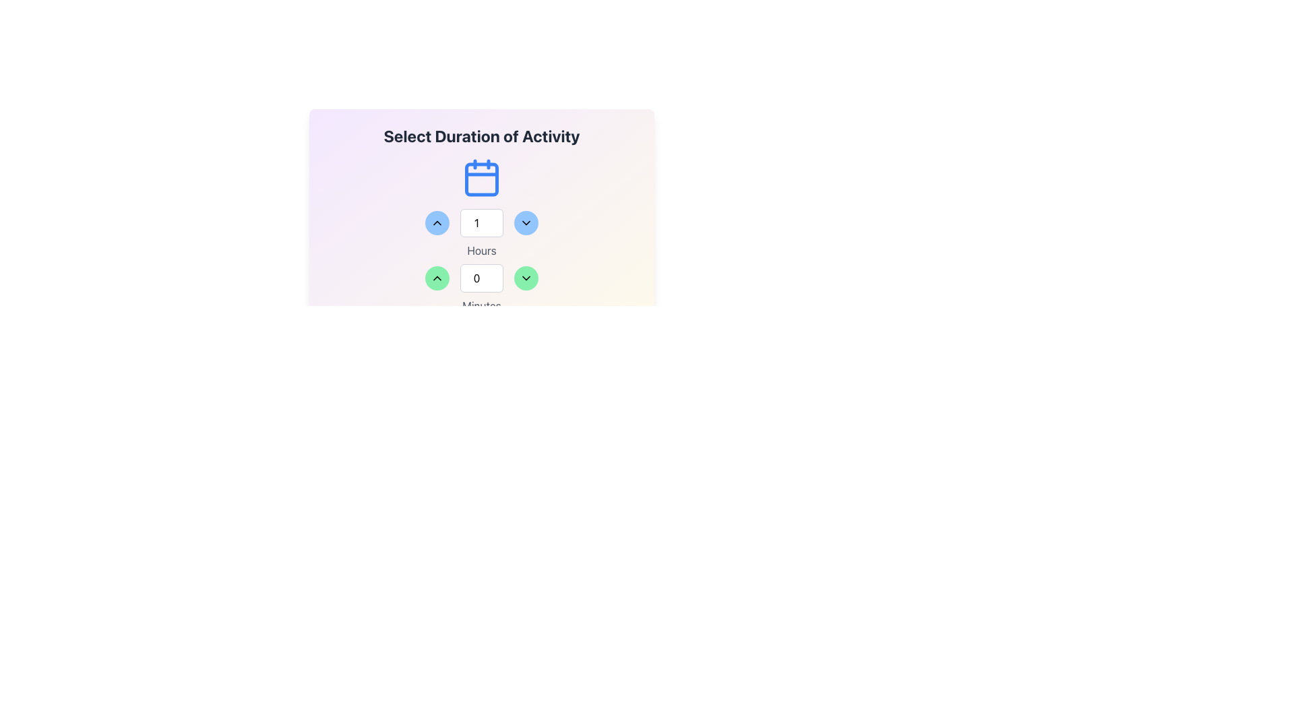  What do you see at coordinates (437, 222) in the screenshot?
I see `the small, dark-colored chevron icon within a light green circular button located beneath the 'Minutes' text field in the time selection module` at bounding box center [437, 222].